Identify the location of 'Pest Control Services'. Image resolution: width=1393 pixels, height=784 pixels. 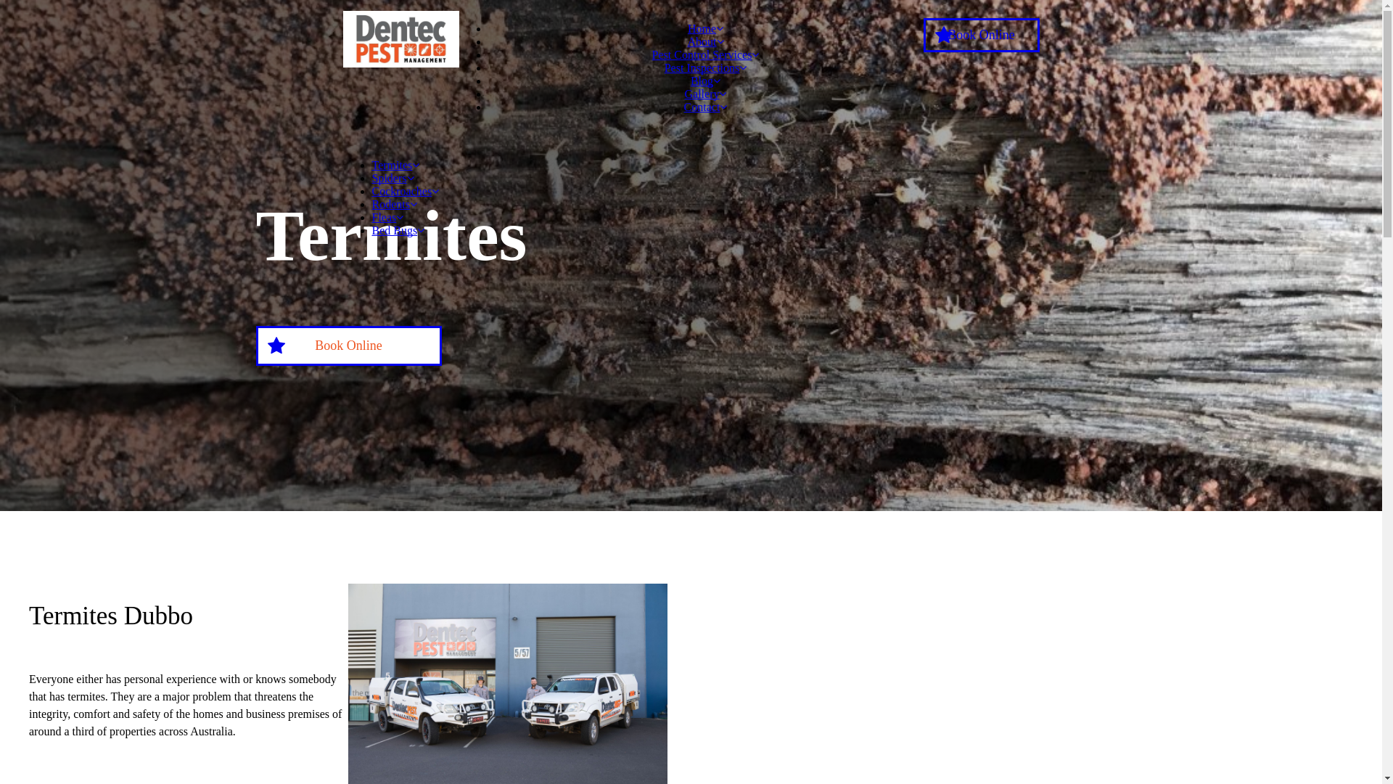
(706, 54).